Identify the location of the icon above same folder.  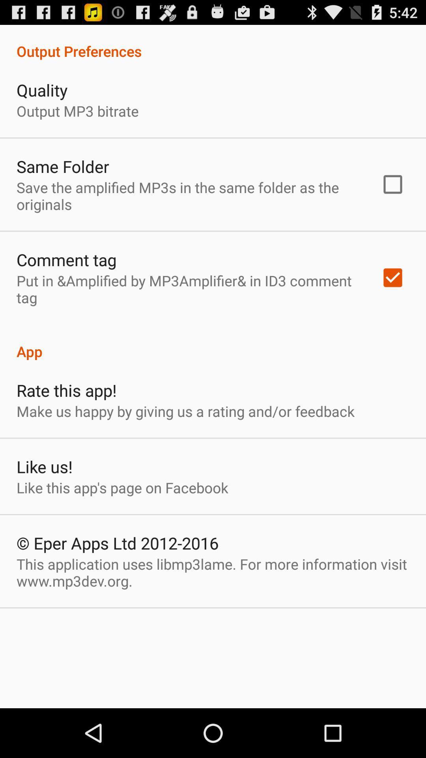
(77, 111).